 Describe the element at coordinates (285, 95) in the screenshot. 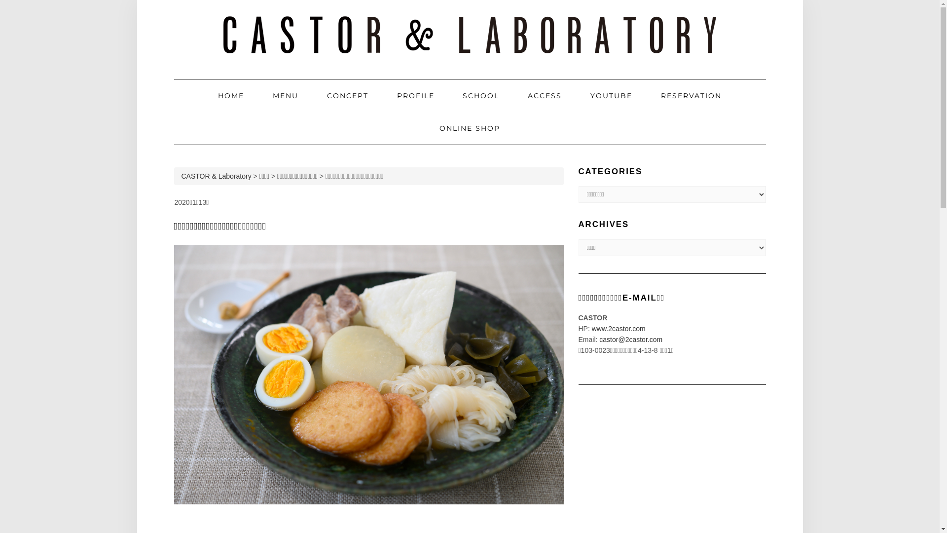

I see `'MENU'` at that location.